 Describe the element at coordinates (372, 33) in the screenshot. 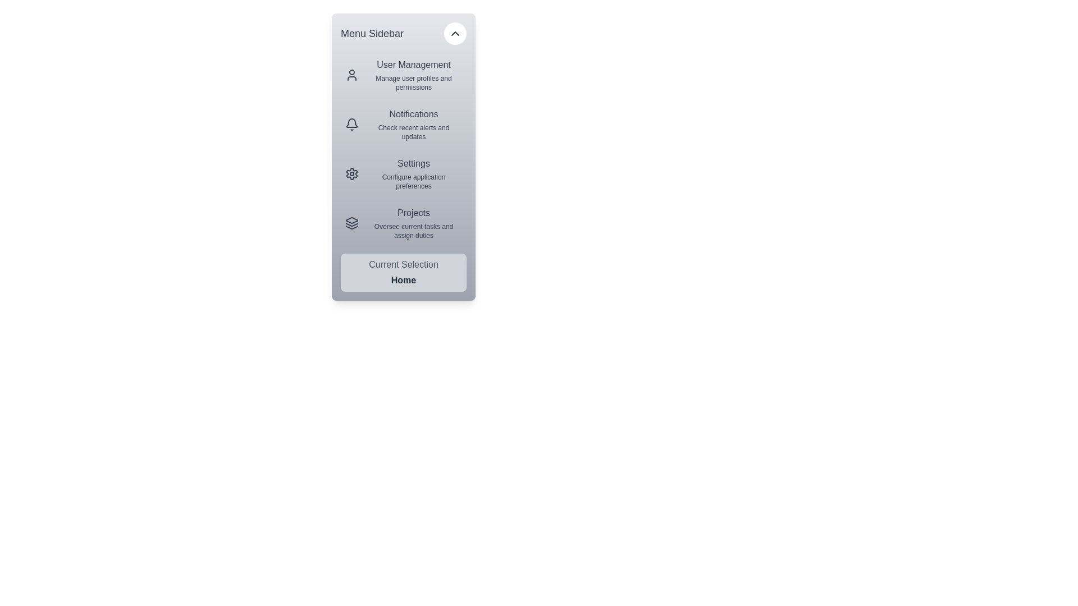

I see `the Text Label that indicates the title of the sidebar section, located at the top of the sidebar interface and positioned leftmost adjacent to a circular button` at that location.